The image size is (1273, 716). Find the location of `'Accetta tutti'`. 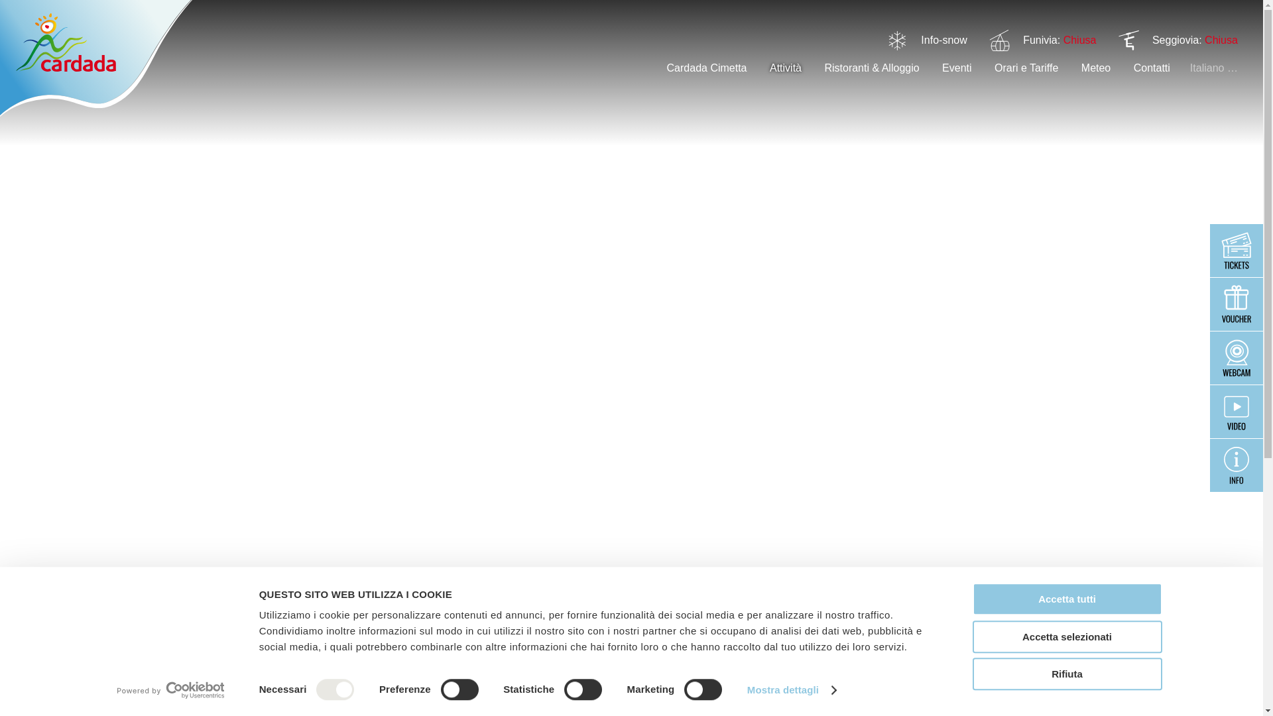

'Accetta tutti' is located at coordinates (1066, 599).